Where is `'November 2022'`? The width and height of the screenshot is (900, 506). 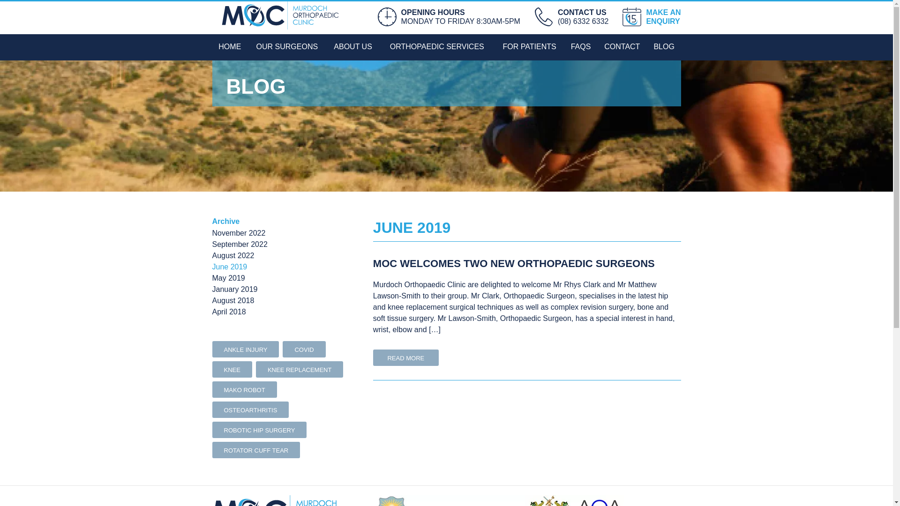
'November 2022' is located at coordinates (211, 232).